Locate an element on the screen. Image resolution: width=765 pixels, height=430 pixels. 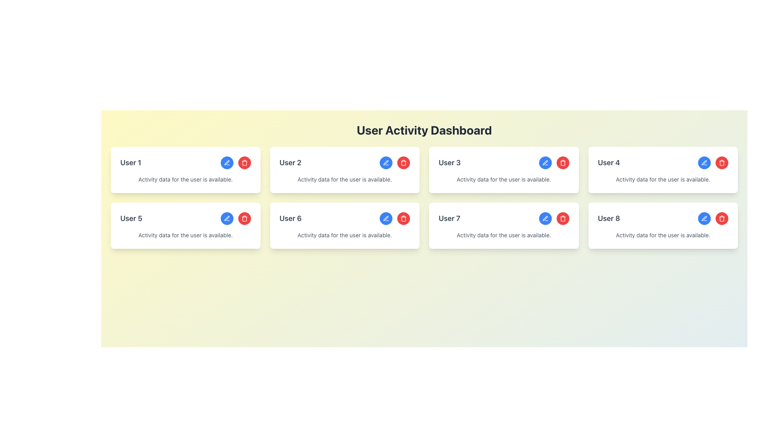
the static informational text line providing activity status for 'User 3' located in the third column of the top row is located at coordinates (503, 180).